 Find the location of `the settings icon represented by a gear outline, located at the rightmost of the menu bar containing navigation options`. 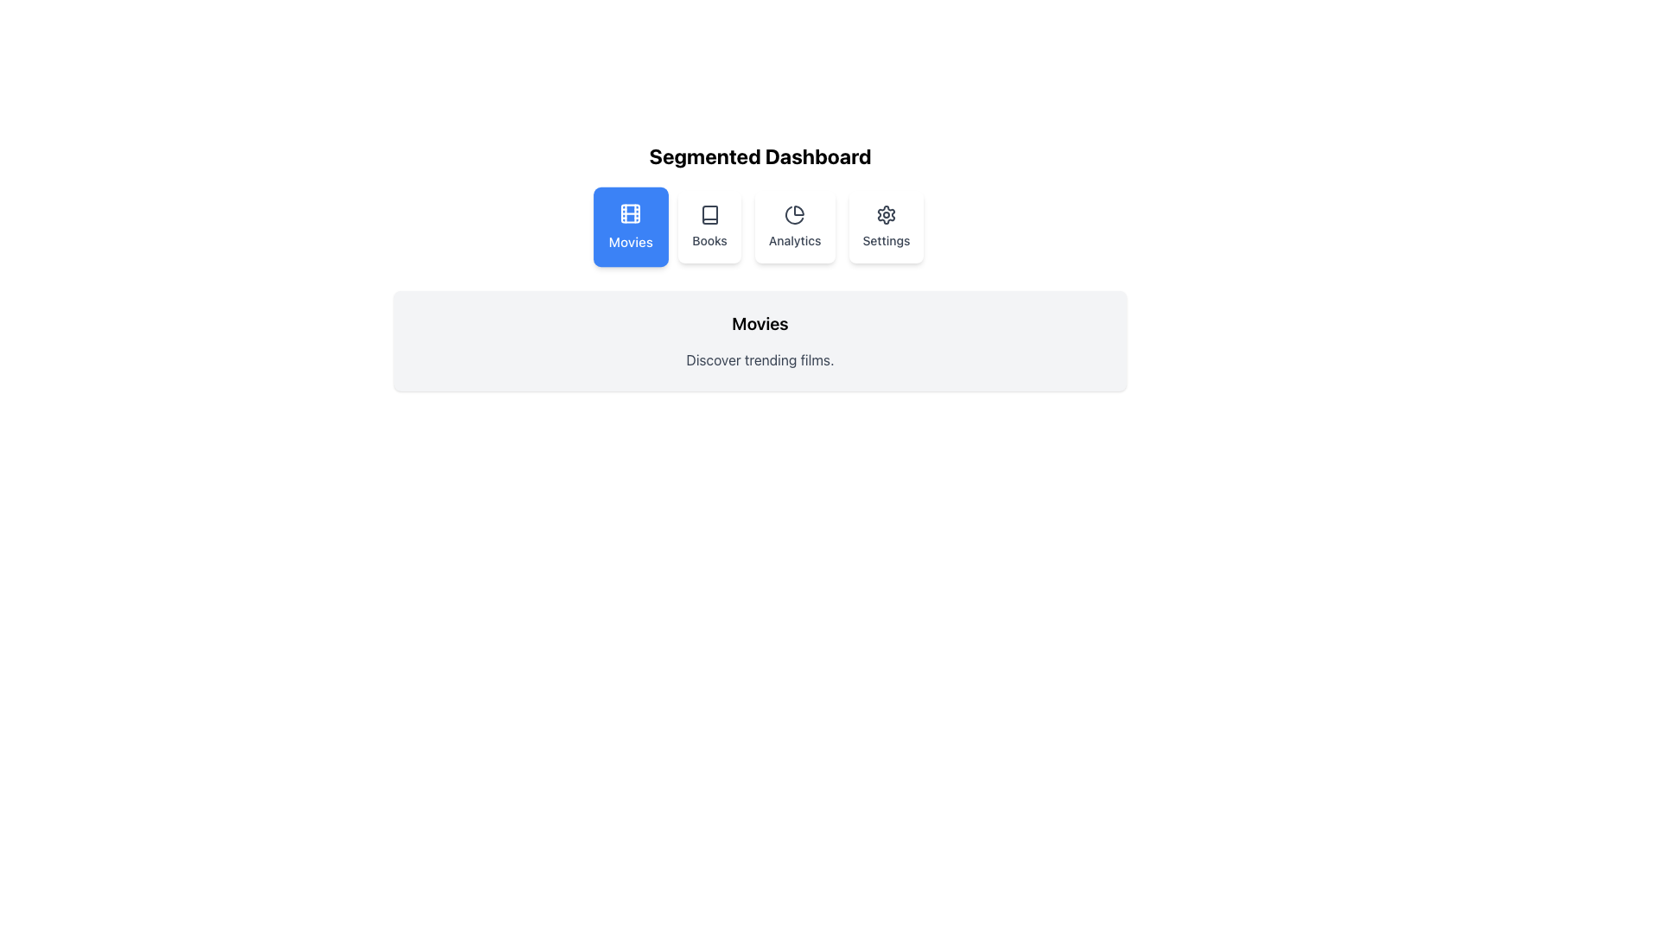

the settings icon represented by a gear outline, located at the rightmost of the menu bar containing navigation options is located at coordinates (887, 214).